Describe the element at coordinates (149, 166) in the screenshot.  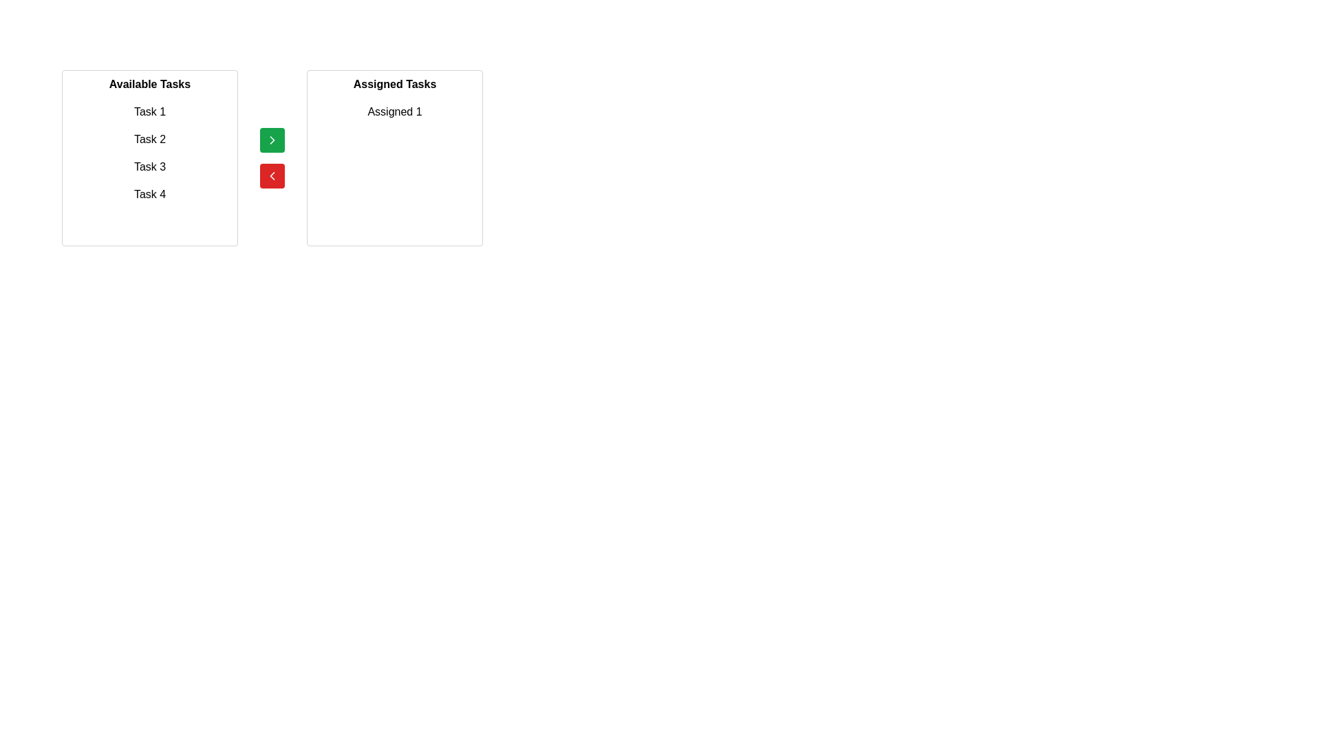
I see `the list item displaying the text 'Task 3'` at that location.